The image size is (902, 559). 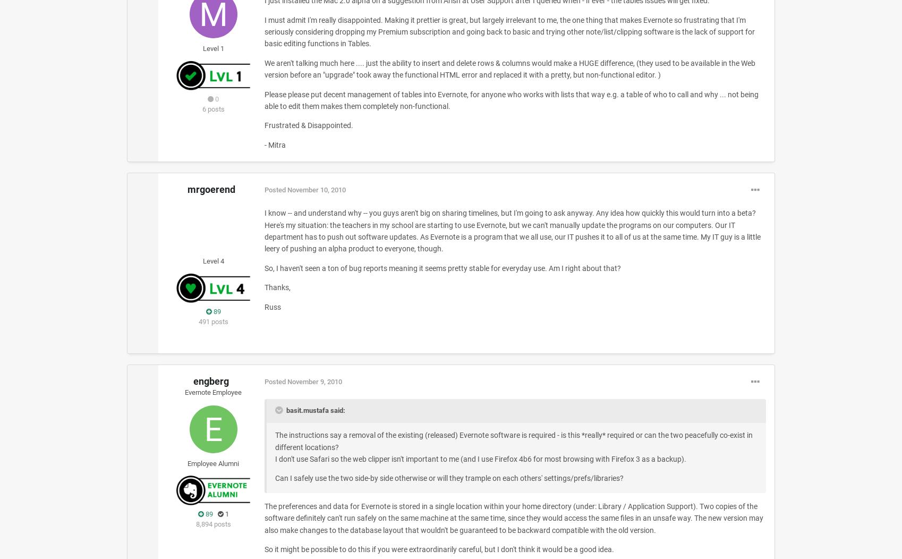 What do you see at coordinates (202, 48) in the screenshot?
I see `'Level 1'` at bounding box center [202, 48].